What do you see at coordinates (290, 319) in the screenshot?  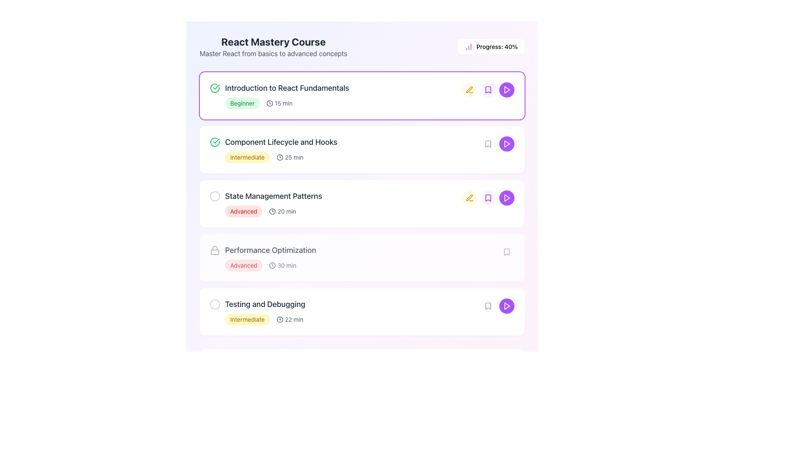 I see `the label that displays the duration of the course in the 'Testing and Debugging' section, located to the right of the 'Intermediate' tag` at bounding box center [290, 319].